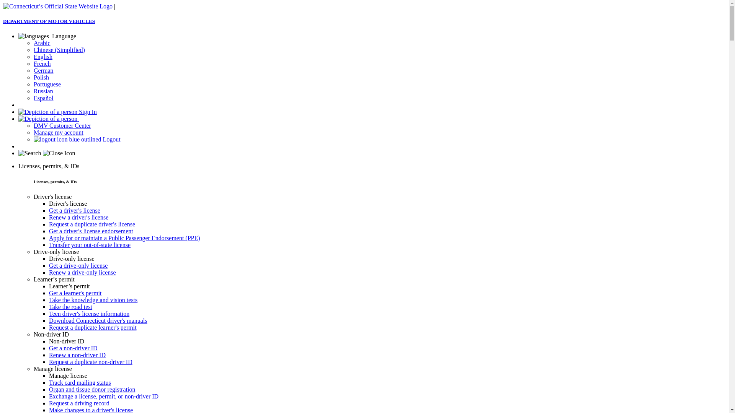 The image size is (735, 413). Describe the element at coordinates (92, 224) in the screenshot. I see `'Request a duplicate driver's license'` at that location.